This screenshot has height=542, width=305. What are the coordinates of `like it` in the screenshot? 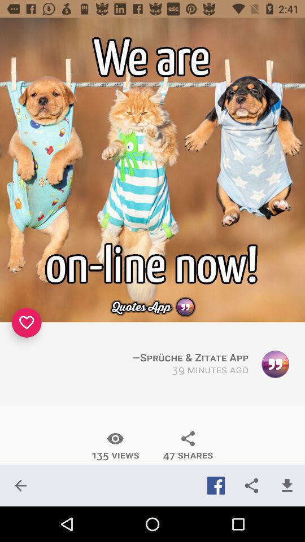 It's located at (27, 322).